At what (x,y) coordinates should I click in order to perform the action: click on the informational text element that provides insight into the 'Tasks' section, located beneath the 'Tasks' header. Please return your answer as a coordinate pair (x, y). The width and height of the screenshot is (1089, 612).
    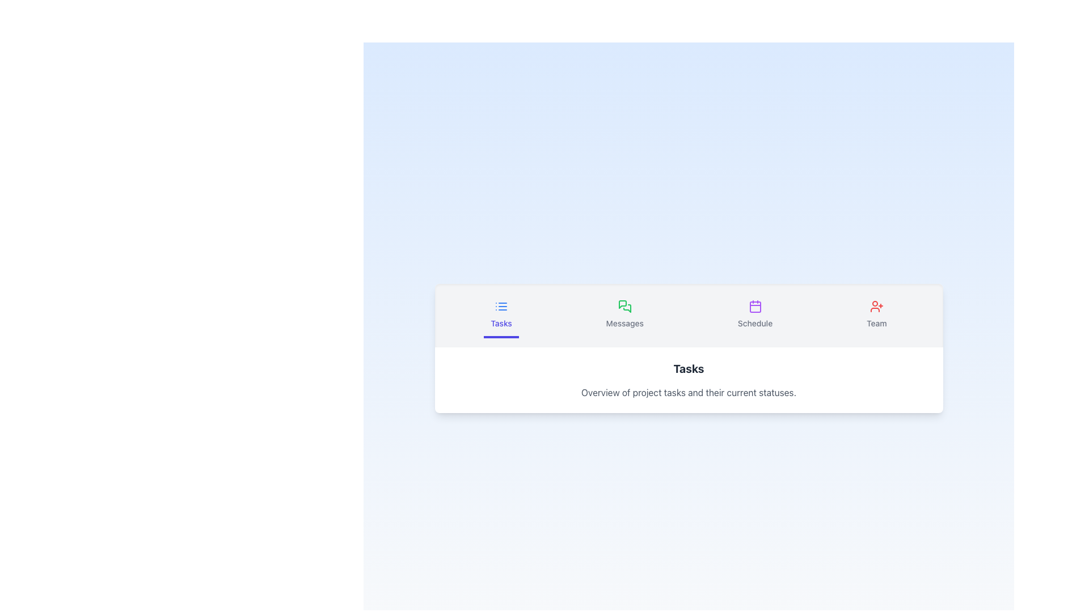
    Looking at the image, I should click on (688, 392).